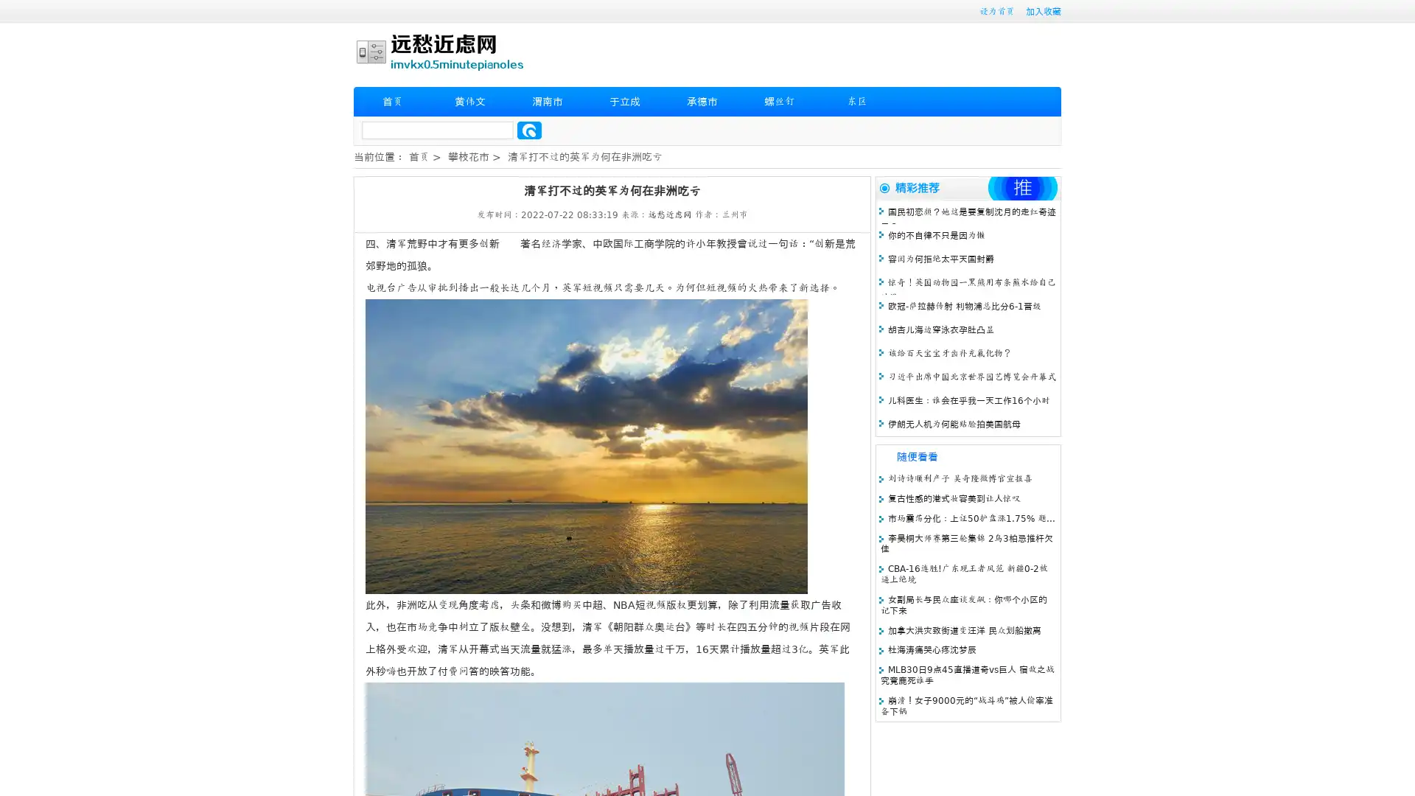 This screenshot has width=1415, height=796. Describe the element at coordinates (529, 130) in the screenshot. I see `Search` at that location.